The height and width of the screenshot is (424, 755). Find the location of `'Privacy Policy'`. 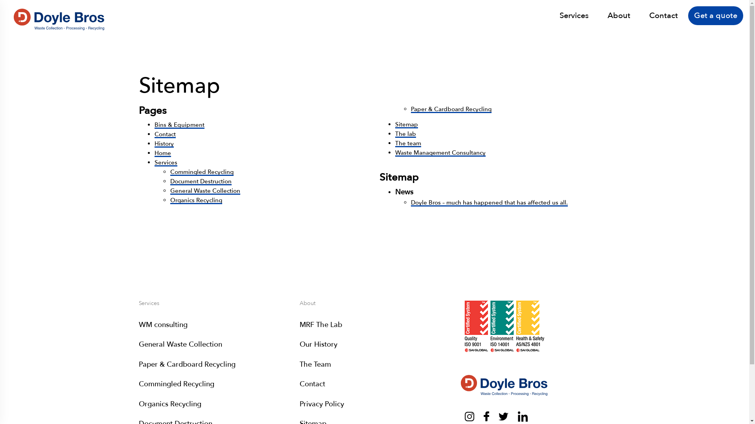

'Privacy Policy' is located at coordinates (299, 404).